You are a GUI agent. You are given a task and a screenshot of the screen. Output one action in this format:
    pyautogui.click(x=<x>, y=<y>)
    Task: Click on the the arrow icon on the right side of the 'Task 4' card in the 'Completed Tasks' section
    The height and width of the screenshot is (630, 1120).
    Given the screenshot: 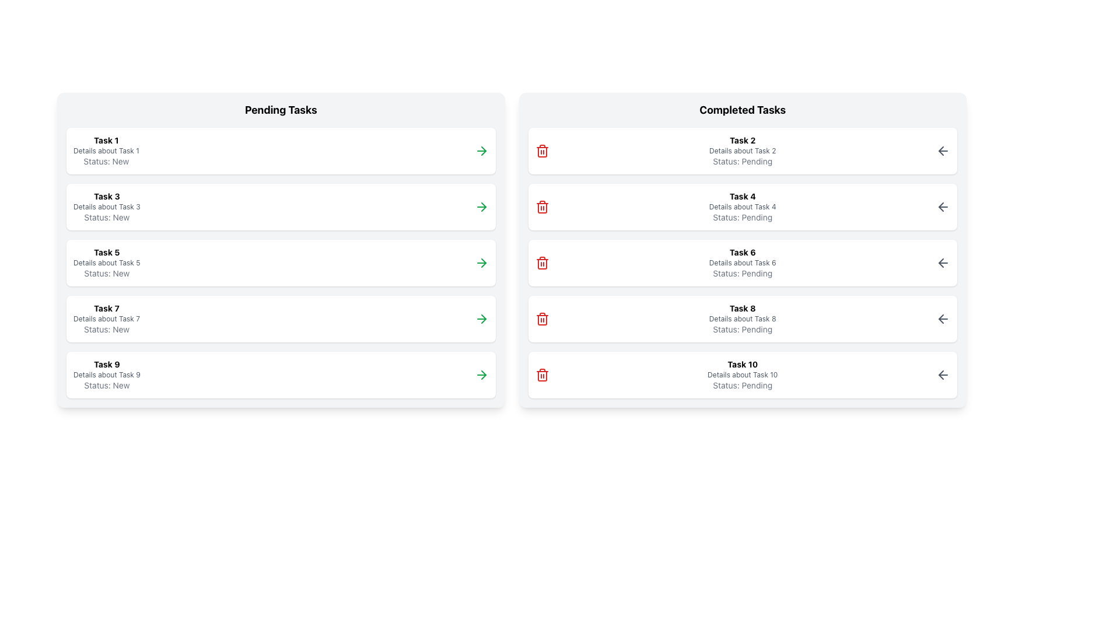 What is the action you would take?
    pyautogui.click(x=943, y=206)
    